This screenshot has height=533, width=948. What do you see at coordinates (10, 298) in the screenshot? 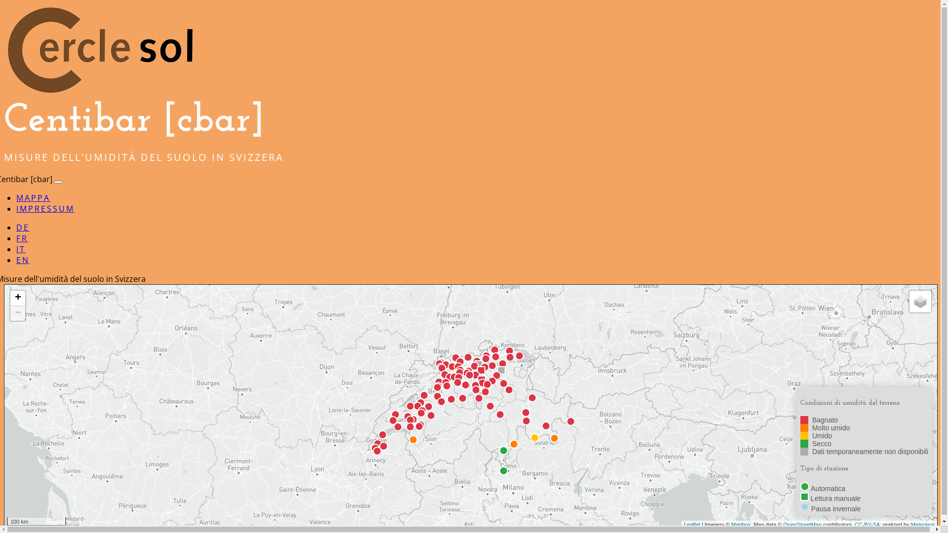
I see `'+'` at bounding box center [10, 298].